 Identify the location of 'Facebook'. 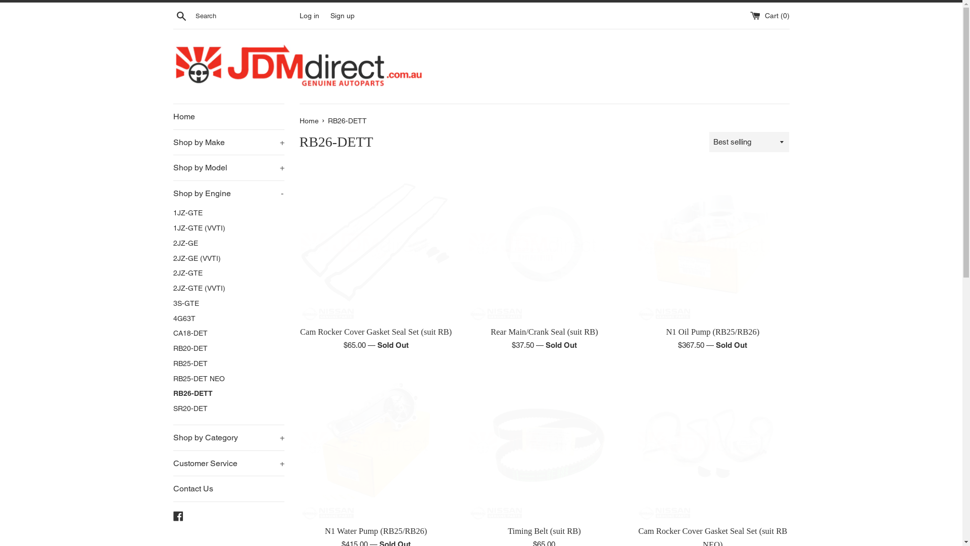
(177, 515).